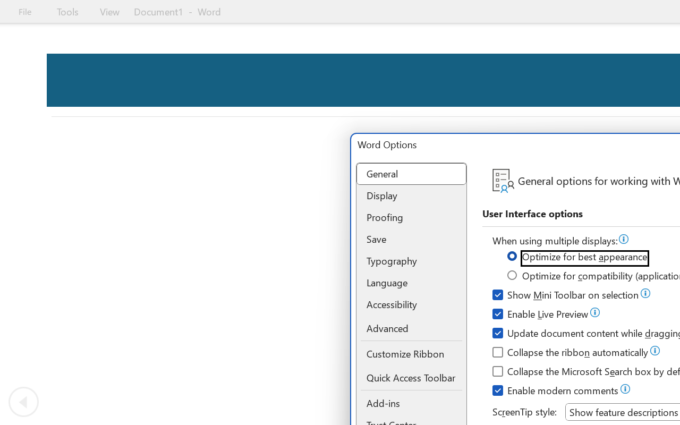 The width and height of the screenshot is (680, 425). Describe the element at coordinates (411, 173) in the screenshot. I see `'General'` at that location.